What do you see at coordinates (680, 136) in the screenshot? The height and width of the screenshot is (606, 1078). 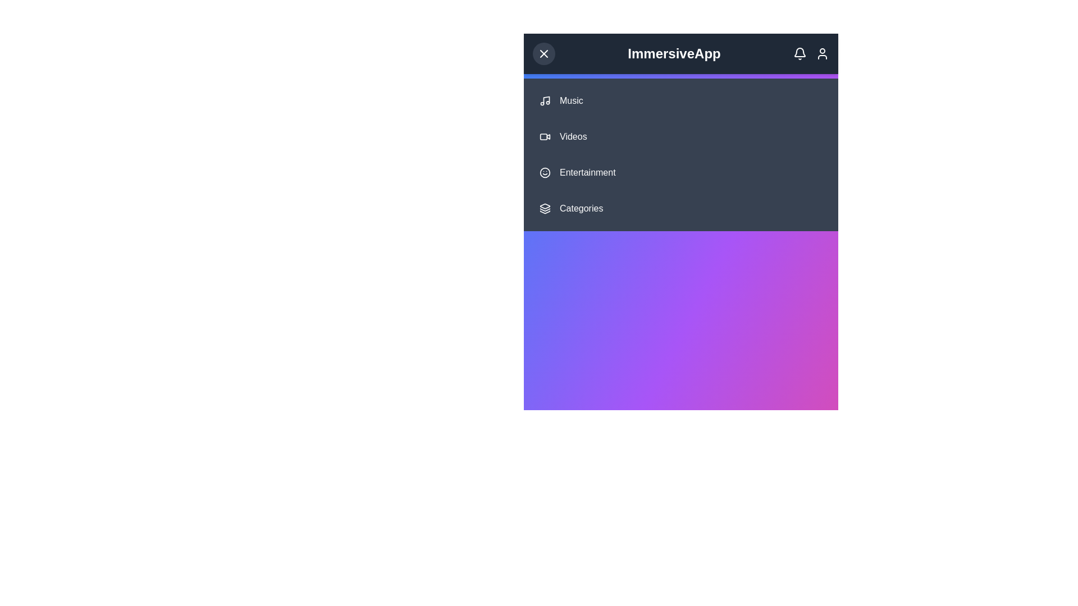 I see `the 'Videos' menu item` at bounding box center [680, 136].